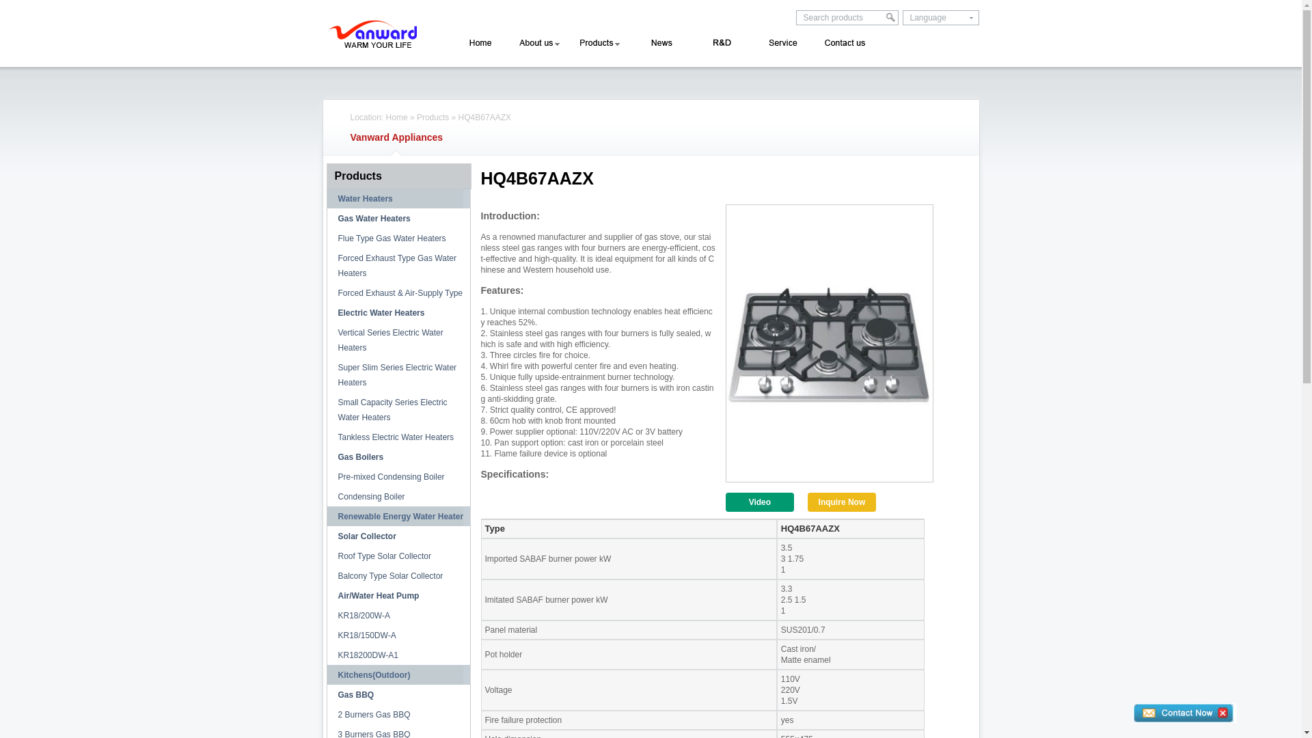 Image resolution: width=1312 pixels, height=738 pixels. What do you see at coordinates (326, 713) in the screenshot?
I see `'2 Burners Gas BBQ'` at bounding box center [326, 713].